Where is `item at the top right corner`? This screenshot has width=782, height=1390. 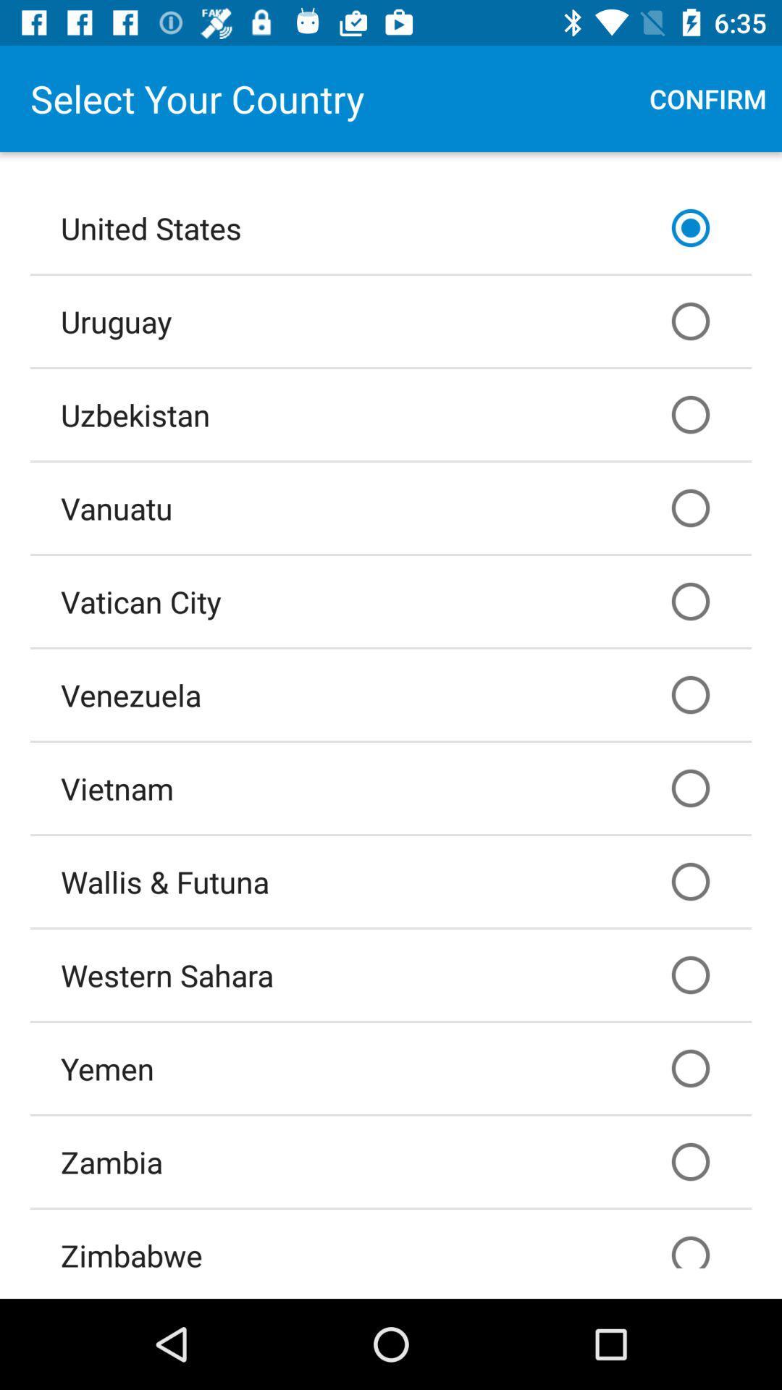 item at the top right corner is located at coordinates (707, 98).